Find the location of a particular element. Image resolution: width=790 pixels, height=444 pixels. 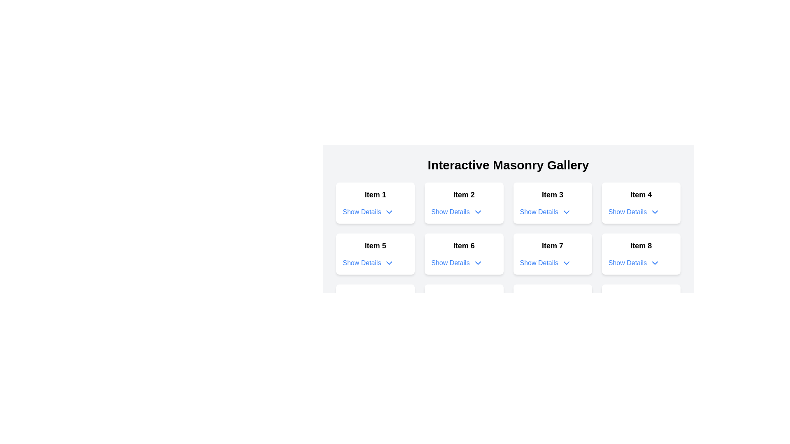

the clickable text link located beneath the title 'Item 6' in the middle-right portion of the layout to show more details is located at coordinates (450, 263).